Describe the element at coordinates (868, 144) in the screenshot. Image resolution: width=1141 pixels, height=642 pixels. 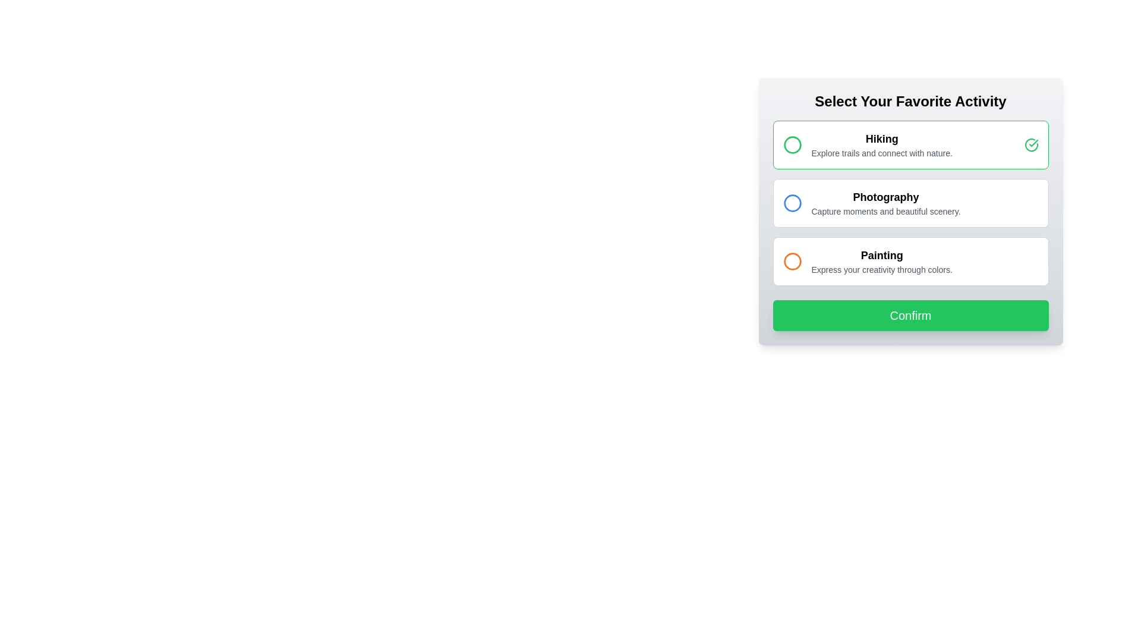
I see `the radio button for 'Hiking' in the selection menu titled 'Select Your Favorite Activity' for navigation` at that location.